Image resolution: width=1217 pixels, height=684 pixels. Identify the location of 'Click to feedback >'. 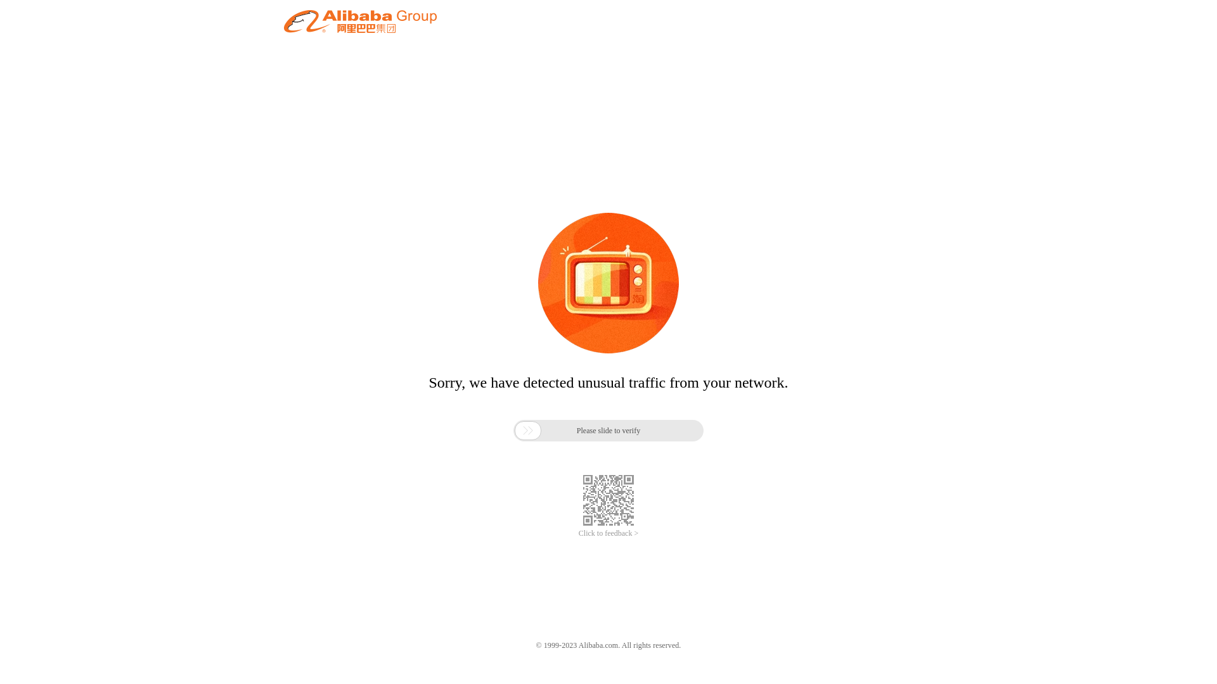
(608, 533).